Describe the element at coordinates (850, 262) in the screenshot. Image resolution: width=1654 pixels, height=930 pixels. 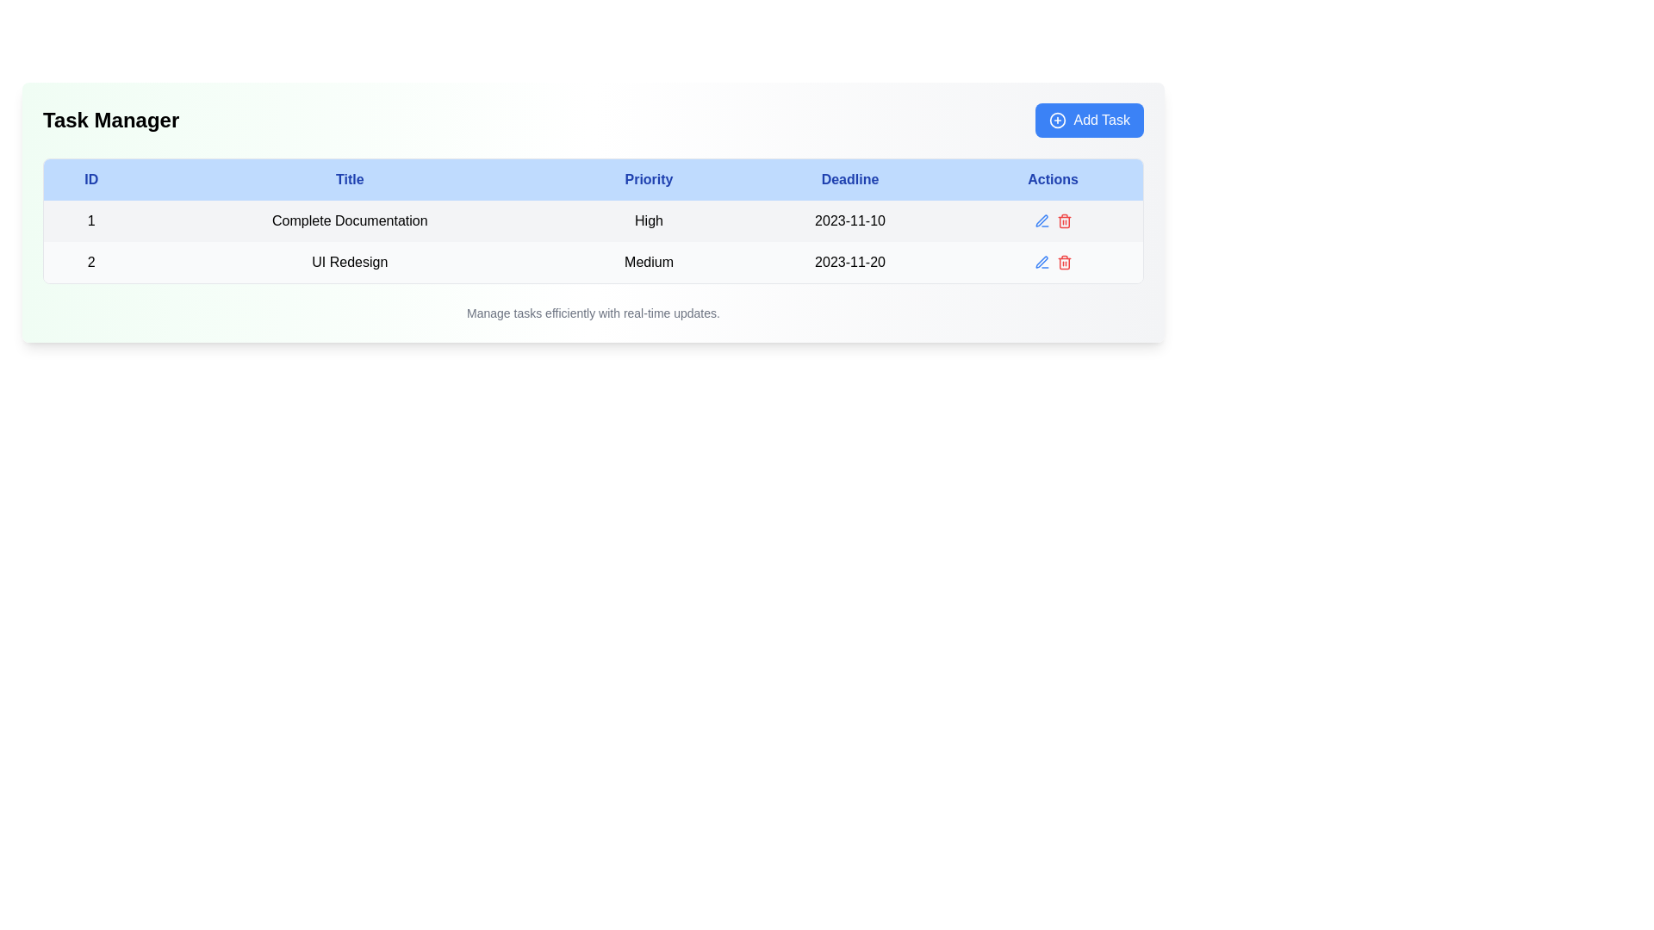
I see `the static text label that provides the deadline information for the 'UI Redesign' task, located in the 'Deadline' column of the table's second row` at that location.